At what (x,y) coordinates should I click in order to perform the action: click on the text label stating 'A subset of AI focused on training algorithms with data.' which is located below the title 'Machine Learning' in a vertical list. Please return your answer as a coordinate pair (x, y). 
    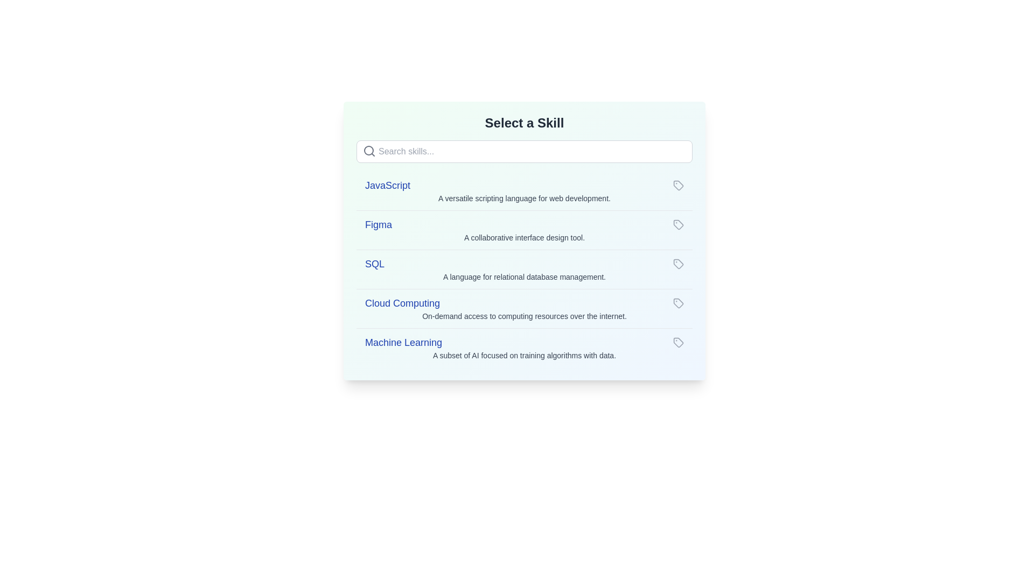
    Looking at the image, I should click on (525, 355).